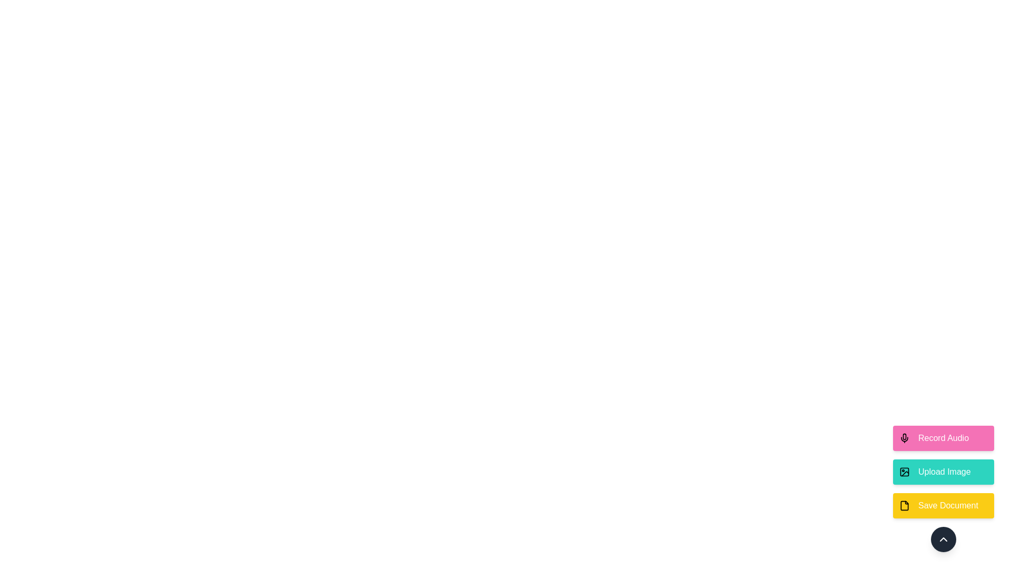  What do you see at coordinates (943, 438) in the screenshot?
I see `the 'Record Audio' button to select the action` at bounding box center [943, 438].